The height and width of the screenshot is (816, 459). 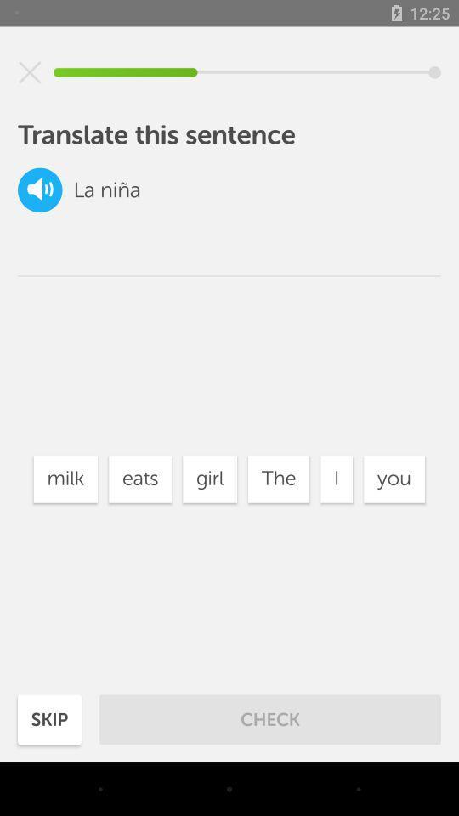 What do you see at coordinates (210, 479) in the screenshot?
I see `icon to the left of the the` at bounding box center [210, 479].